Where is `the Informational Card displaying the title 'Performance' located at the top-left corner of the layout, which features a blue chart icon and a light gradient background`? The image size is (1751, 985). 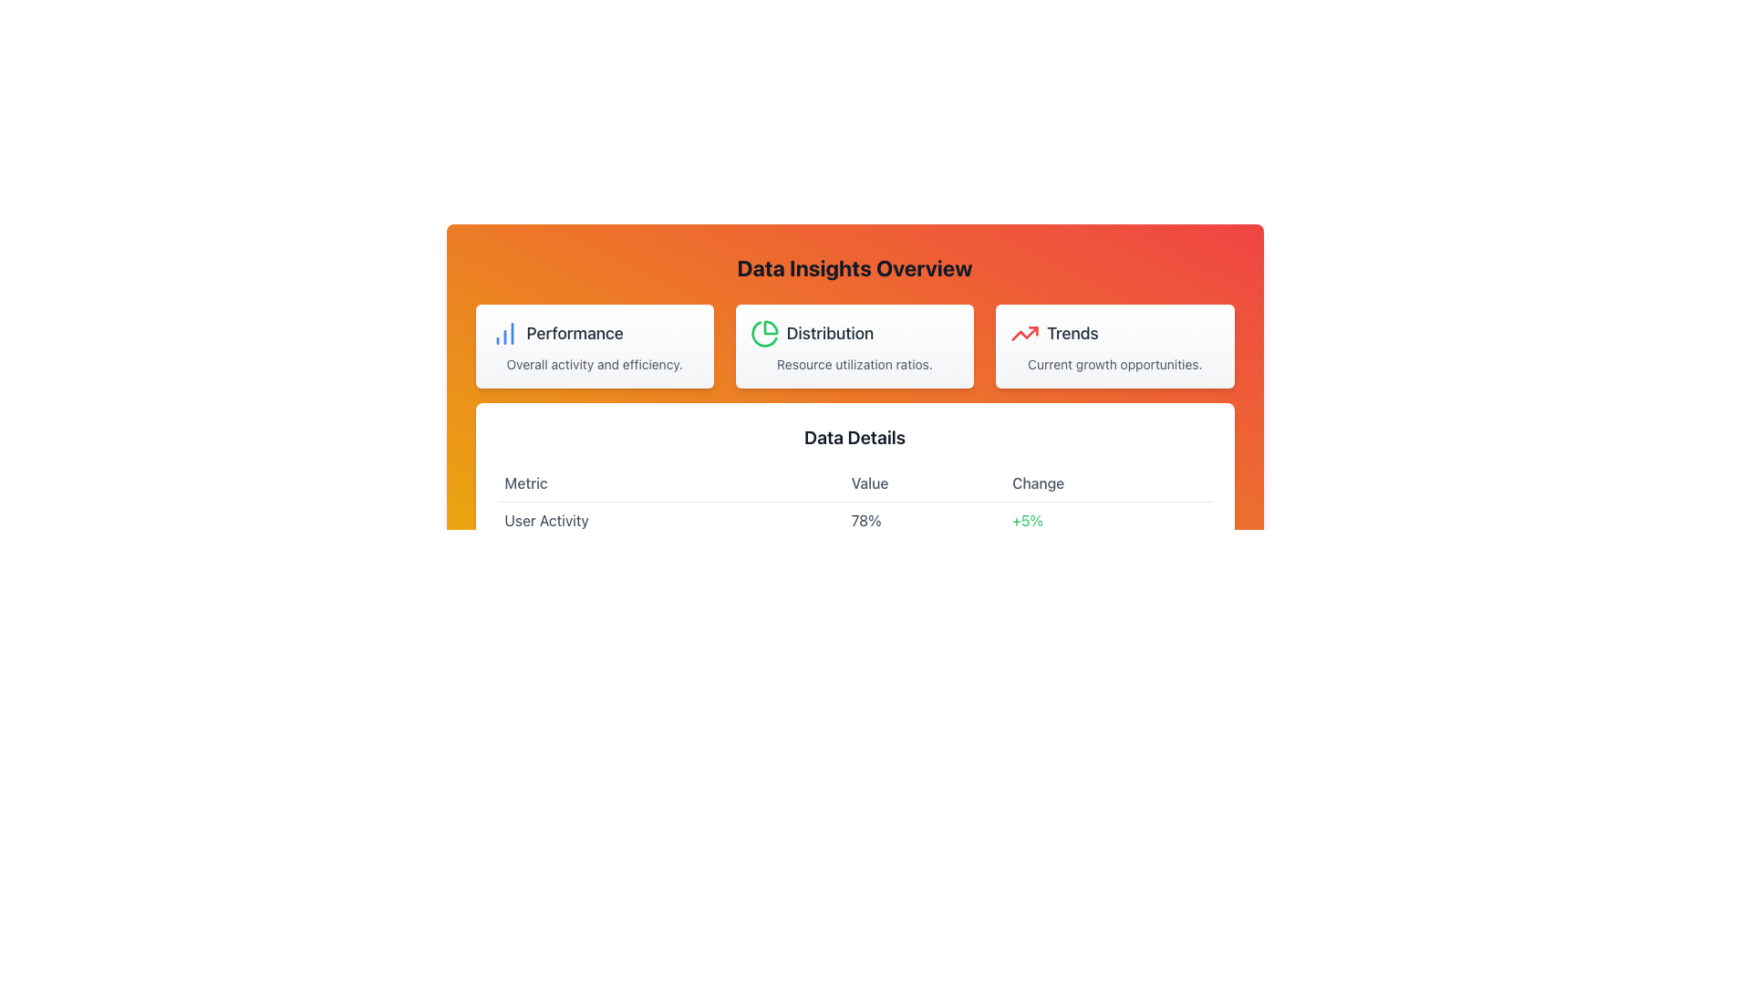 the Informational Card displaying the title 'Performance' located at the top-left corner of the layout, which features a blue chart icon and a light gradient background is located at coordinates (595, 347).